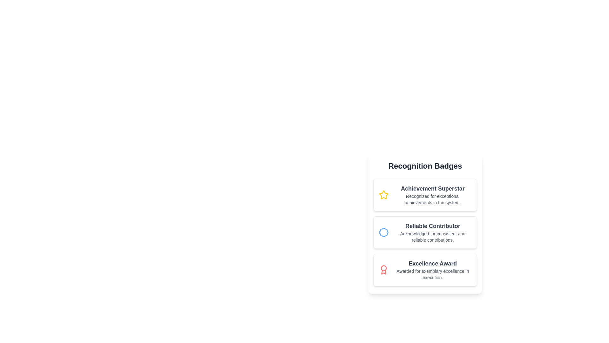  Describe the element at coordinates (383, 194) in the screenshot. I see `the star icon, which serves as a visual indicator of an achievement badge, located at the far-left side of the 'Achievement Superstar' badge in the 'Recognition Badges' list` at that location.